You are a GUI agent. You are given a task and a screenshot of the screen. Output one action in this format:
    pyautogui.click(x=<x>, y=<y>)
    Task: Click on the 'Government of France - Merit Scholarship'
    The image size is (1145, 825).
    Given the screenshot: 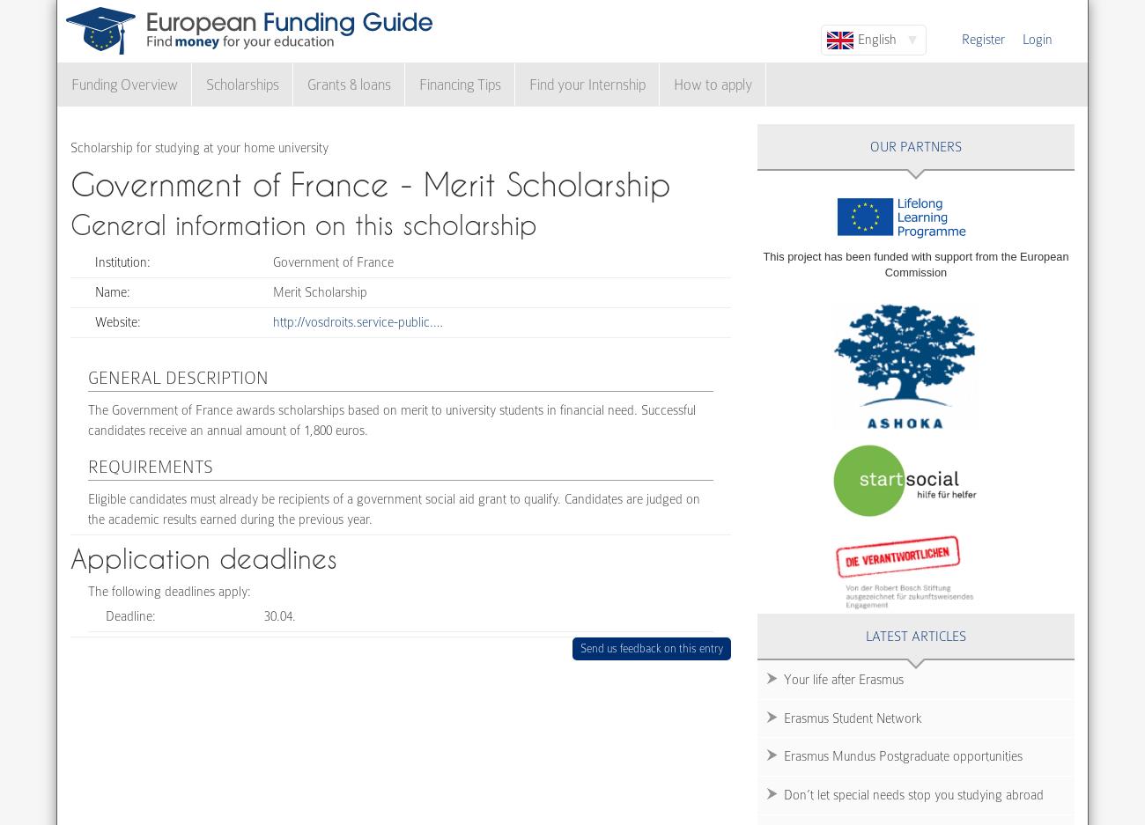 What is the action you would take?
    pyautogui.click(x=370, y=183)
    